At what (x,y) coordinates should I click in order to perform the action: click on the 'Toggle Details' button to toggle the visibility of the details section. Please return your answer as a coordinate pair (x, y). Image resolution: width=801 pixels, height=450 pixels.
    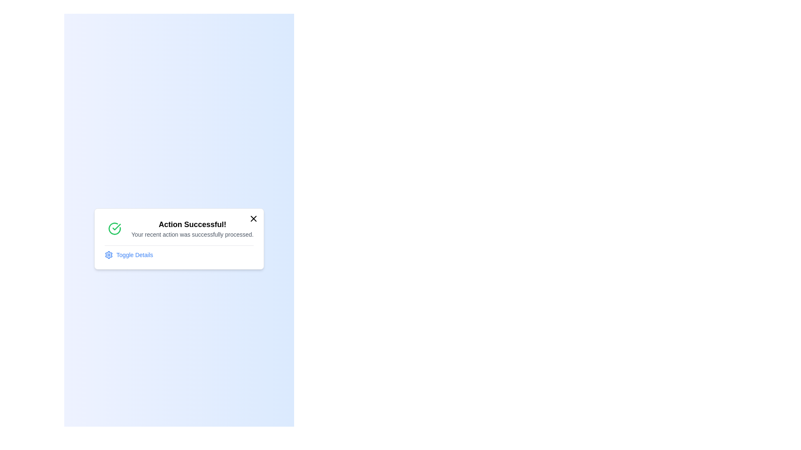
    Looking at the image, I should click on (128, 254).